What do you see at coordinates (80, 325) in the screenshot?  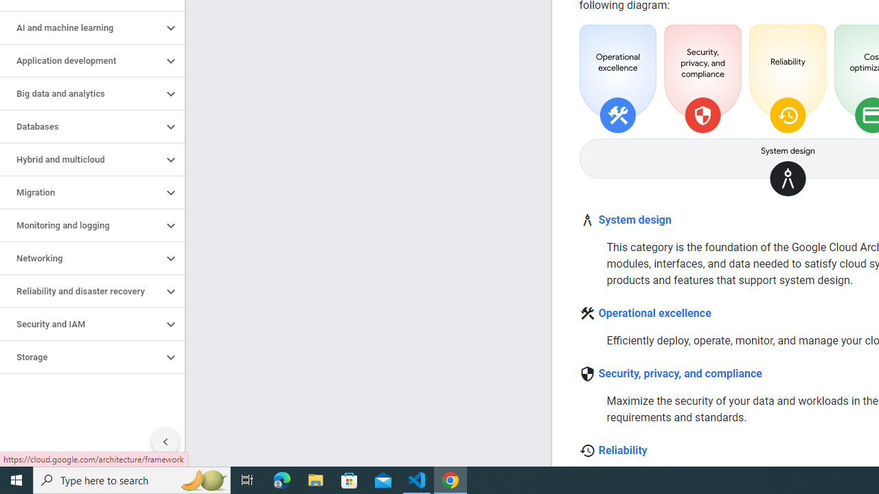 I see `'Security and IAM'` at bounding box center [80, 325].